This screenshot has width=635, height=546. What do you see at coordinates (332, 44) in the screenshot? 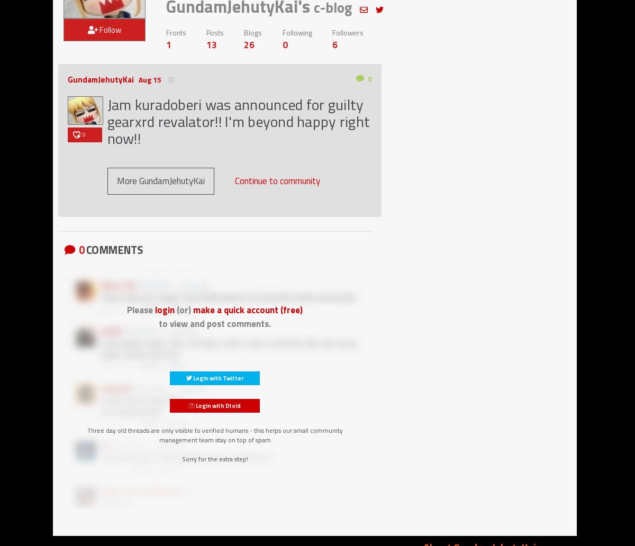
I see `'6'` at bounding box center [332, 44].